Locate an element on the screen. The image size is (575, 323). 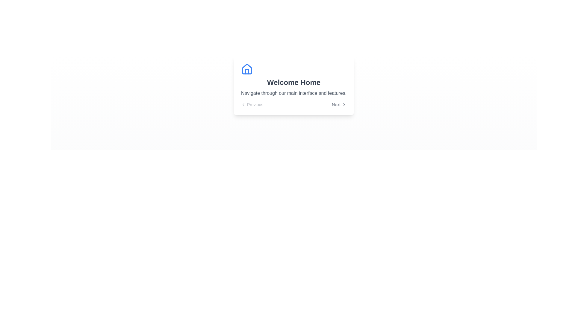
the chevron-right icon, which is part of the 'Next' button located at the bottom-right corner of the content card is located at coordinates (344, 104).